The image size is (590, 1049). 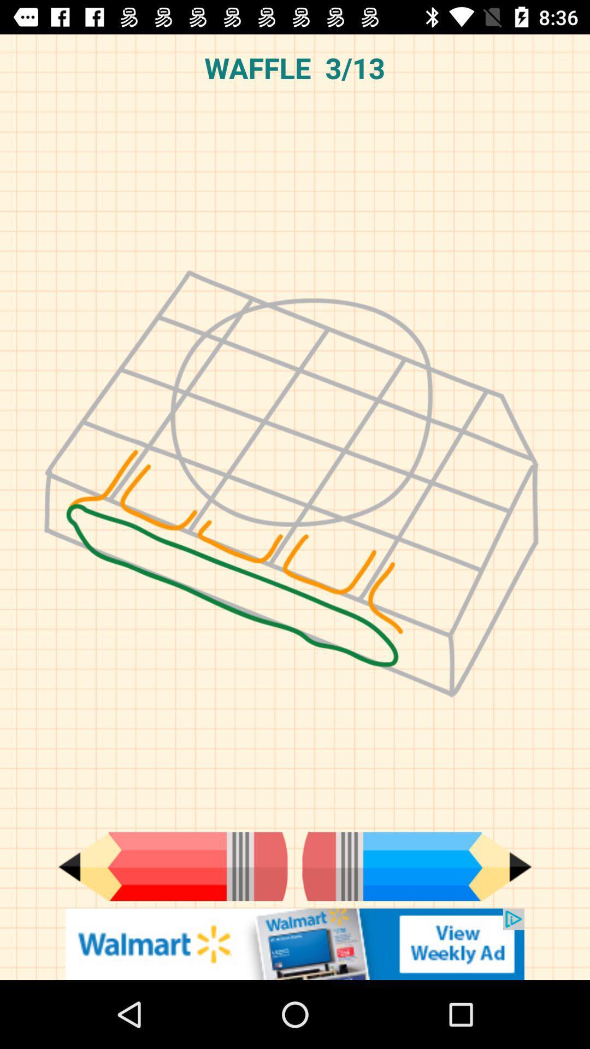 I want to click on advertisement, so click(x=295, y=944).